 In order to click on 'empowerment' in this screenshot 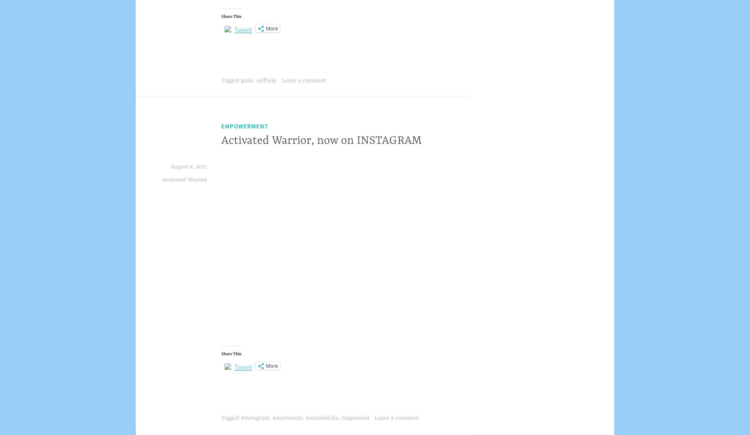, I will do `click(245, 126)`.